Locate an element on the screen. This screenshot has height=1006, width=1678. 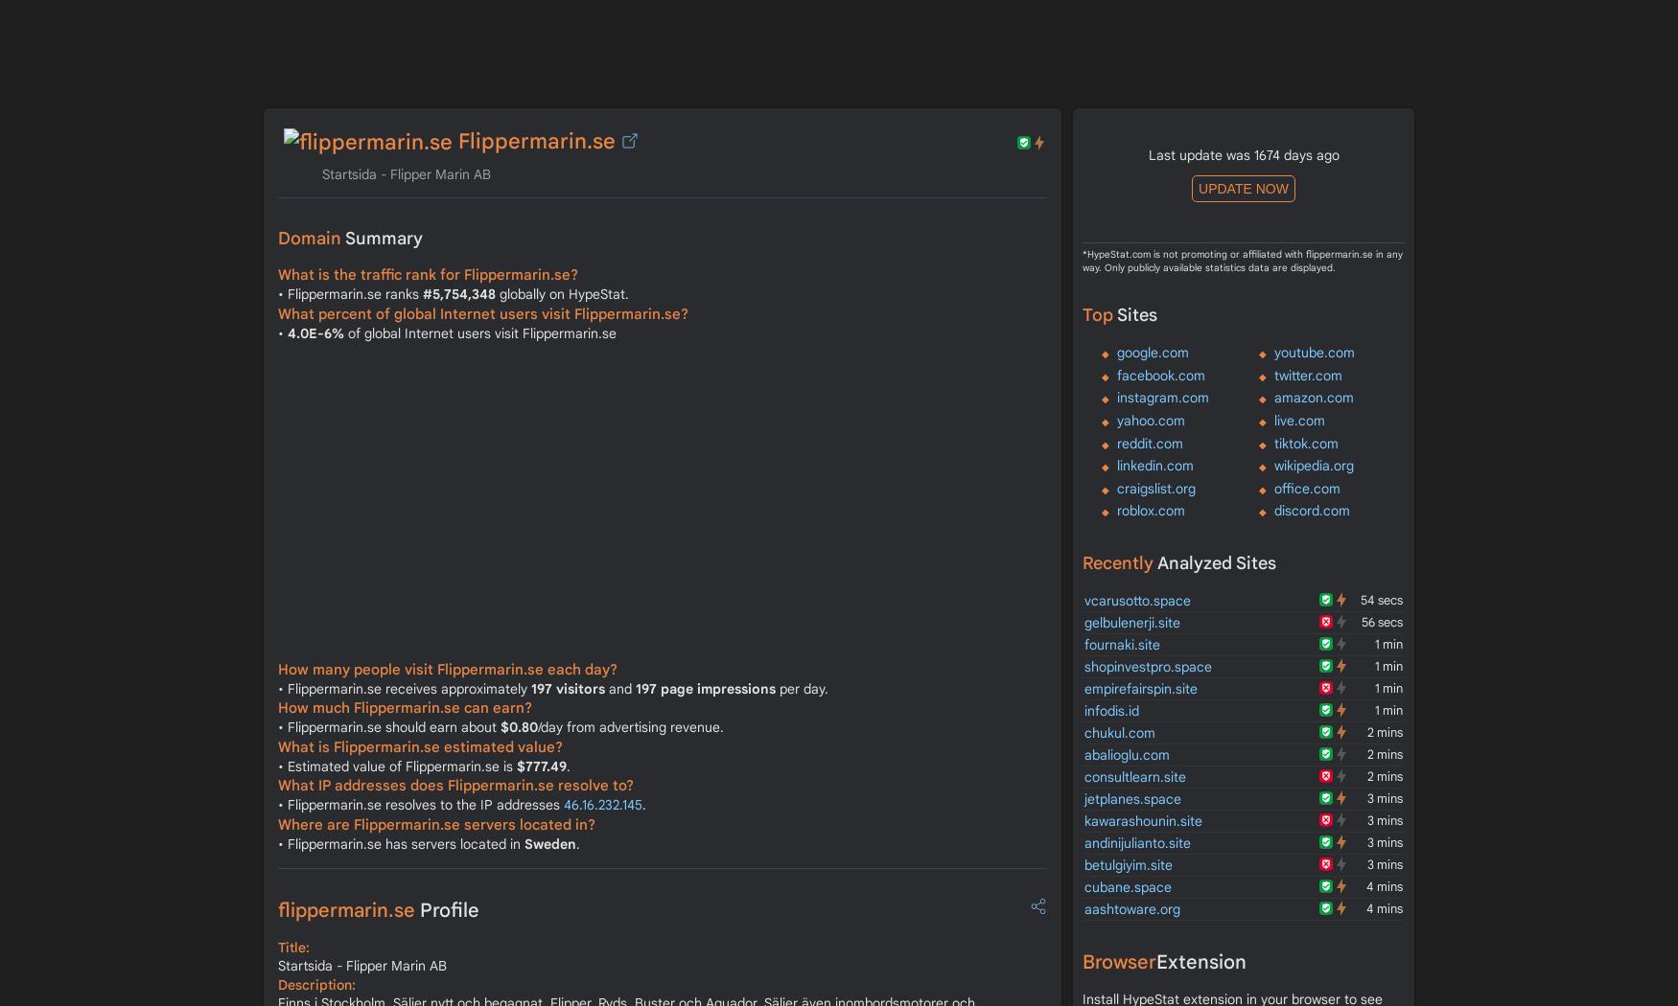
'forbina.se' is located at coordinates (309, 44).